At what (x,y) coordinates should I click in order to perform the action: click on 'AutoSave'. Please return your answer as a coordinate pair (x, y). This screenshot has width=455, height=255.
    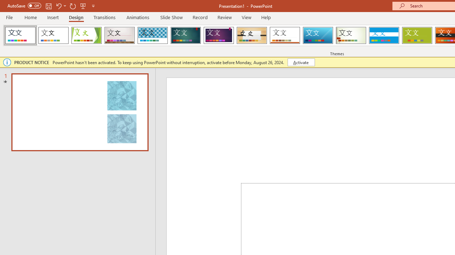
    Looking at the image, I should click on (24, 6).